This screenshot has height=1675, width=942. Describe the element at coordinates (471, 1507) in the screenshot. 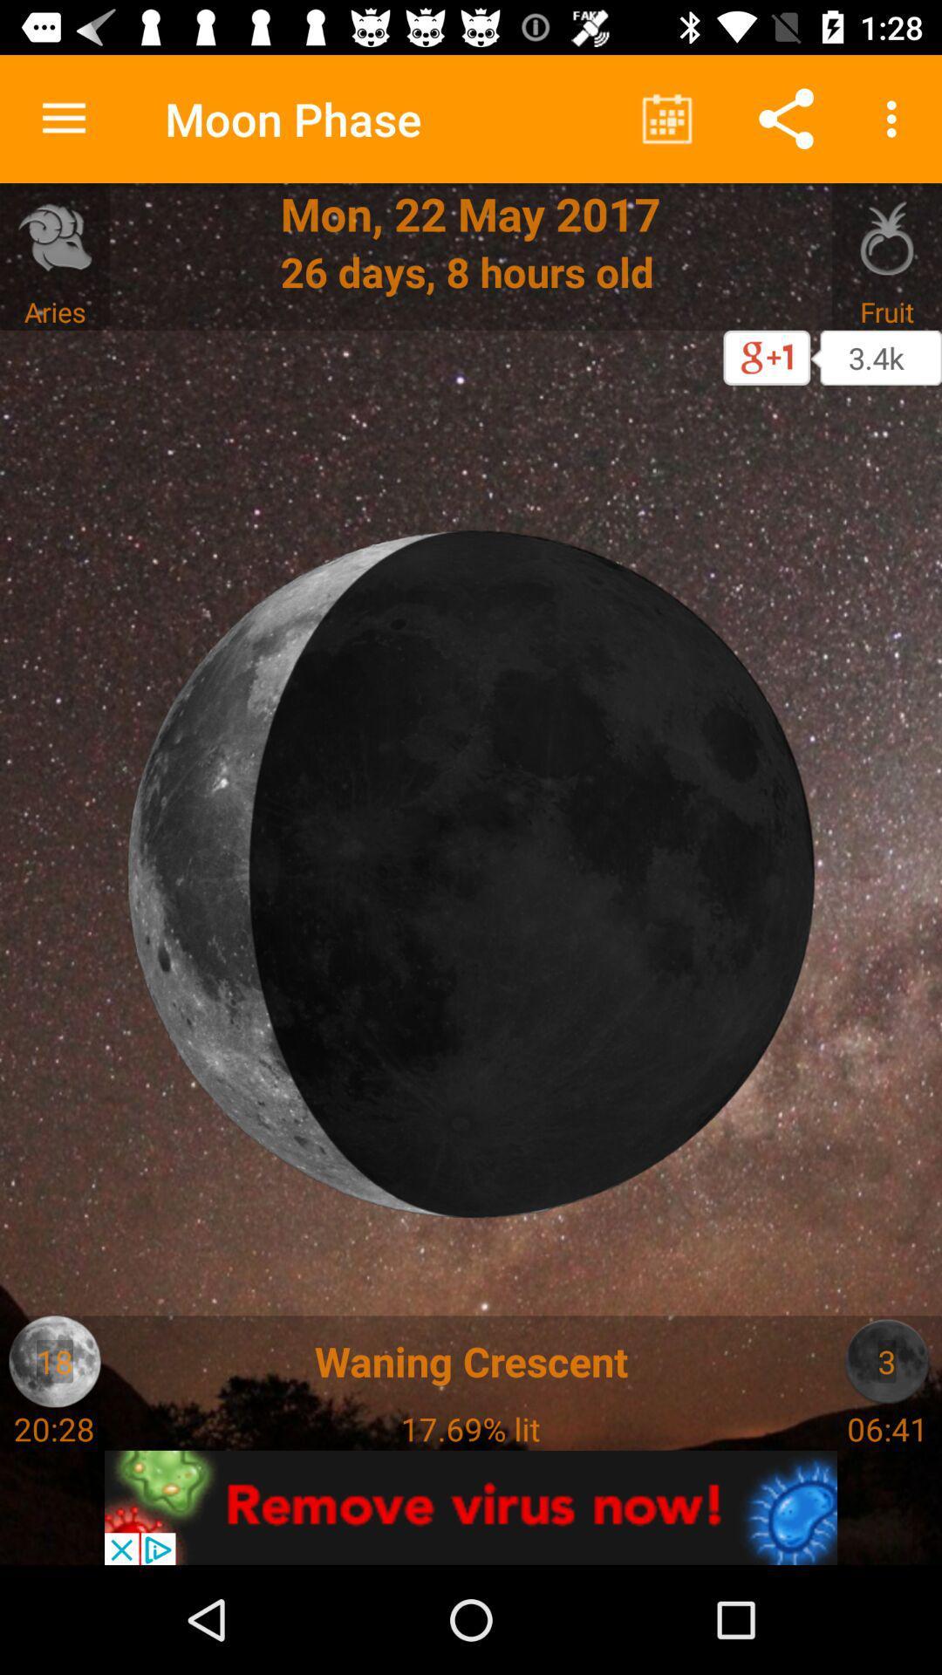

I see `remove virus now` at that location.